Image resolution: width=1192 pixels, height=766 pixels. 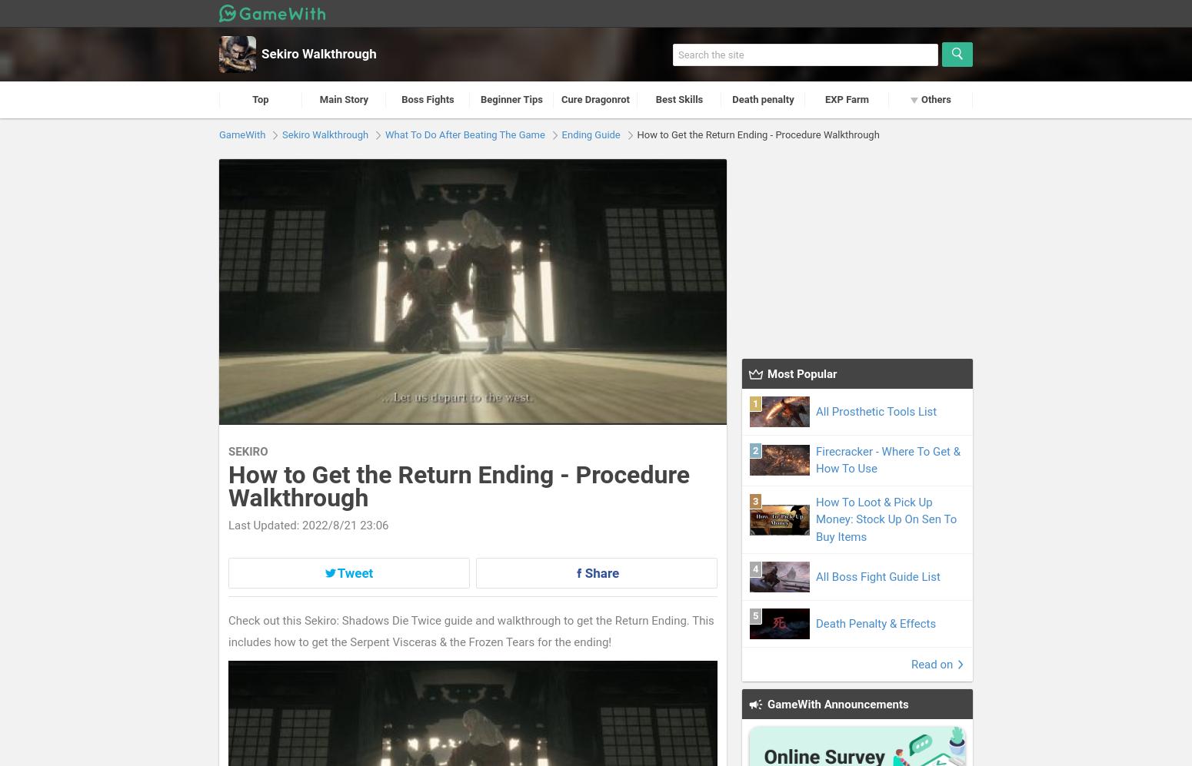 I want to click on 'Cure Dragonrot', so click(x=561, y=99).